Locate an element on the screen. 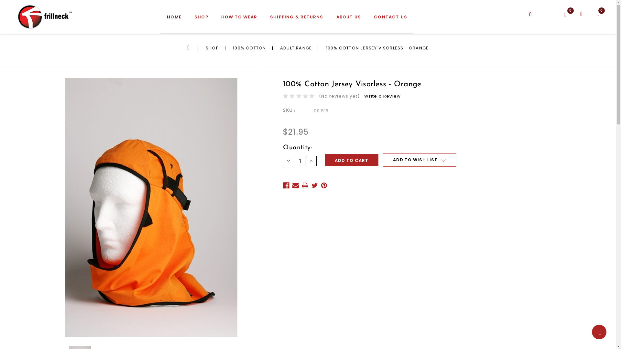  'Write a Review' is located at coordinates (382, 96).